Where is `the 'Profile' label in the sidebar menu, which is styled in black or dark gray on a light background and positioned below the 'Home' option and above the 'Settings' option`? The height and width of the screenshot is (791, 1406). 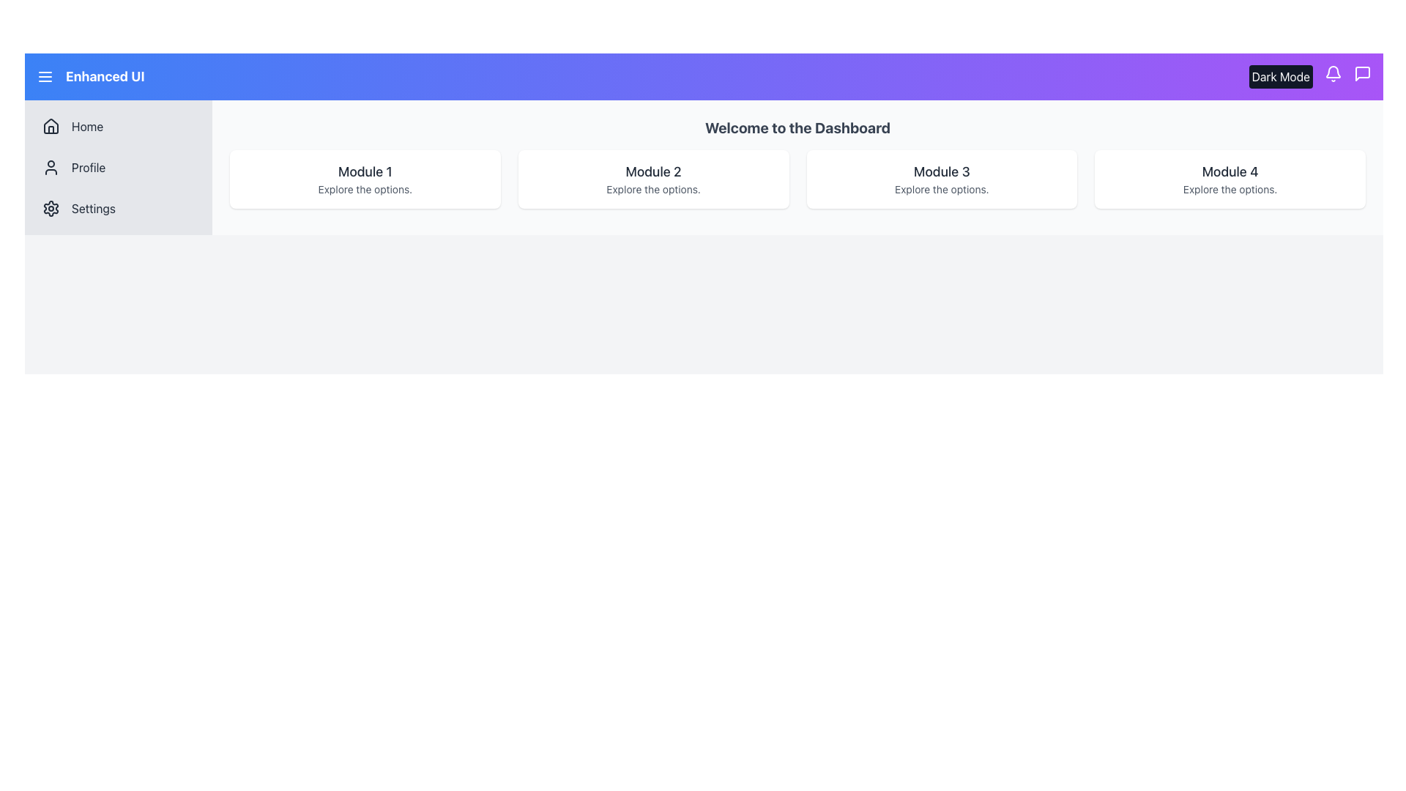
the 'Profile' label in the sidebar menu, which is styled in black or dark gray on a light background and positioned below the 'Home' option and above the 'Settings' option is located at coordinates (88, 166).